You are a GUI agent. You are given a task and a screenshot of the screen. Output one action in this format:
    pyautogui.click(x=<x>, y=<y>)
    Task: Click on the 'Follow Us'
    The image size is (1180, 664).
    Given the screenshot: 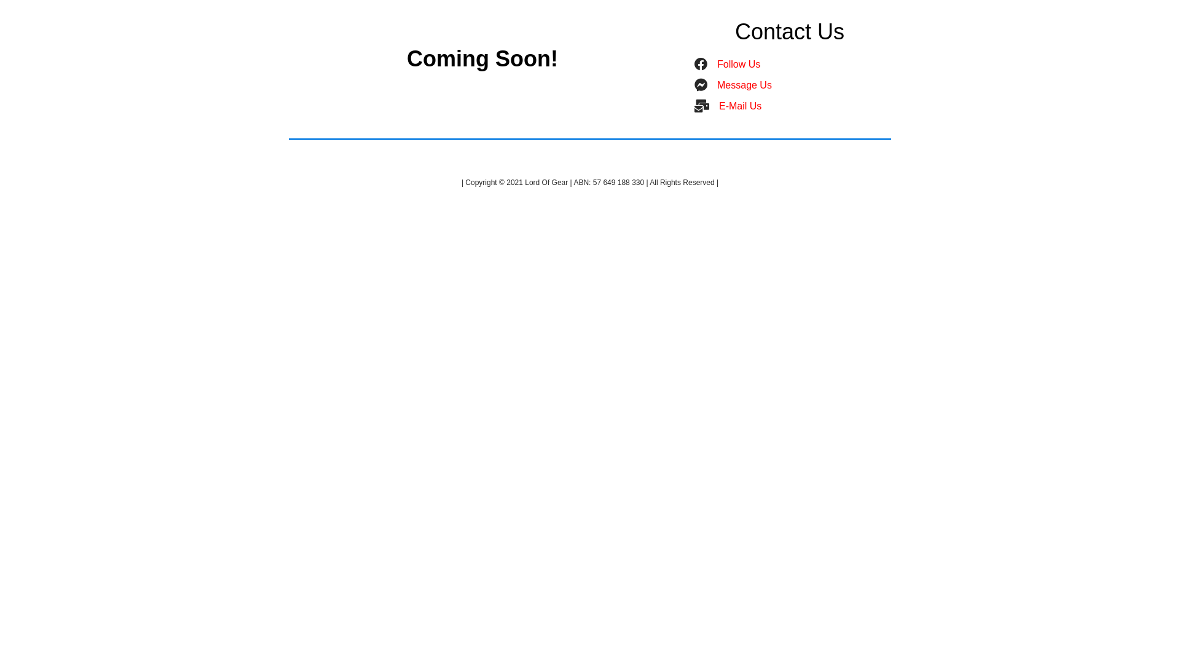 What is the action you would take?
    pyautogui.click(x=737, y=64)
    